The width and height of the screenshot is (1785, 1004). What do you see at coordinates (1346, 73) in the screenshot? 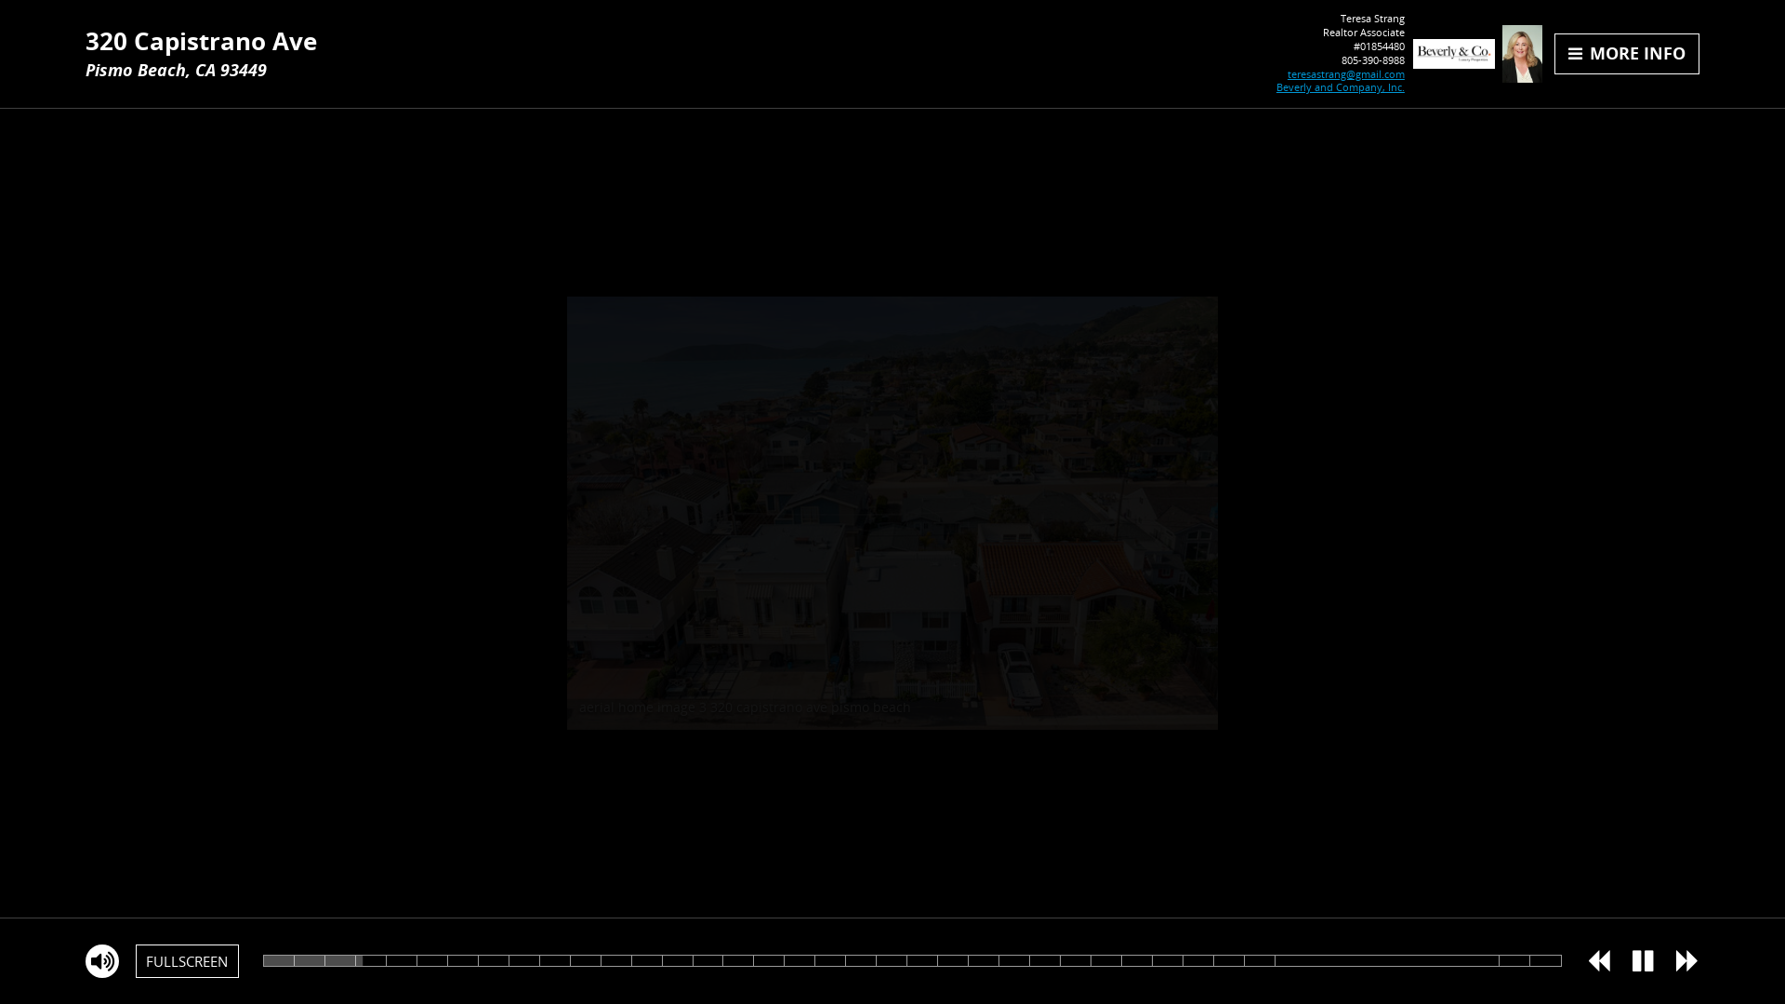
I see `'teresastrang@gmail.com'` at bounding box center [1346, 73].